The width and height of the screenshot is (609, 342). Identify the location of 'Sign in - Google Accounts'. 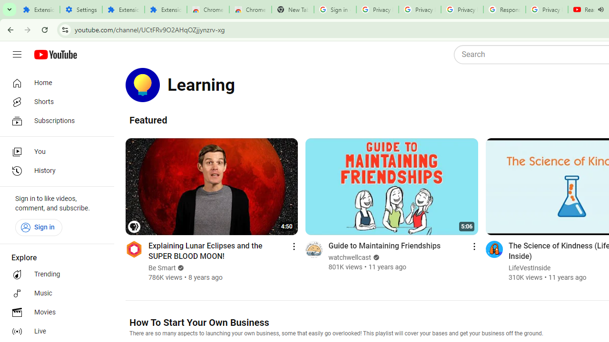
(335, 9).